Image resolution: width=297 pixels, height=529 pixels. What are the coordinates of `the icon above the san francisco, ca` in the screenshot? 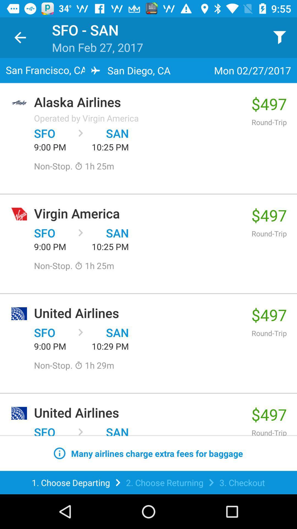 It's located at (20, 37).